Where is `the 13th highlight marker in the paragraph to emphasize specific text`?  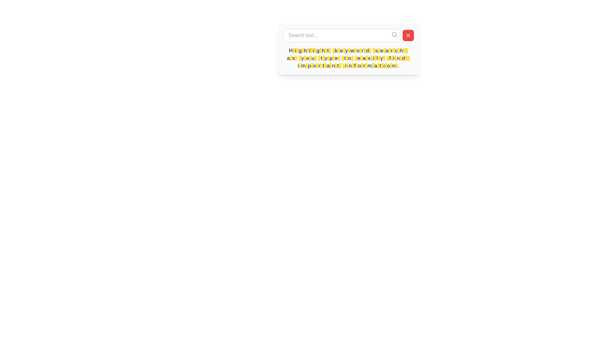 the 13th highlight marker in the paragraph to emphasize specific text is located at coordinates (349, 50).